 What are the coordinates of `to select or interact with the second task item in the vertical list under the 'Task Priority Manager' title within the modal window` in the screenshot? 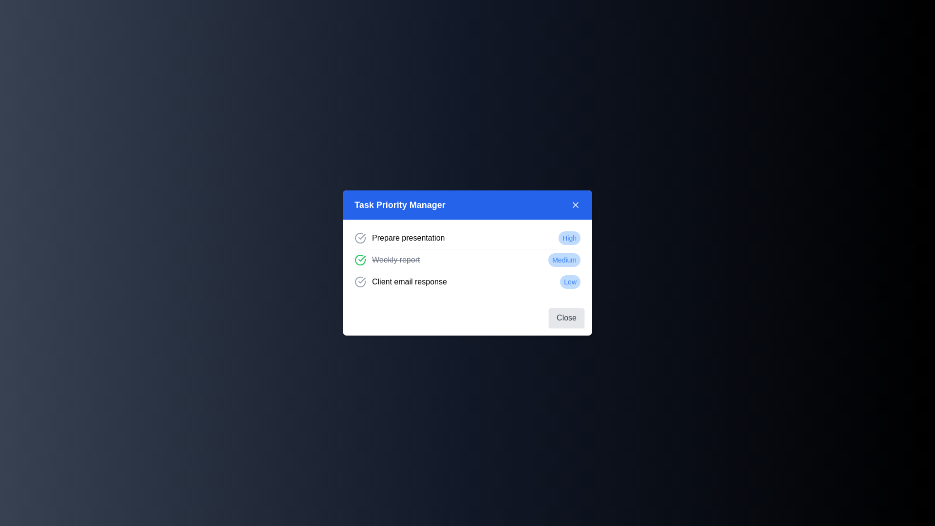 It's located at (467, 259).